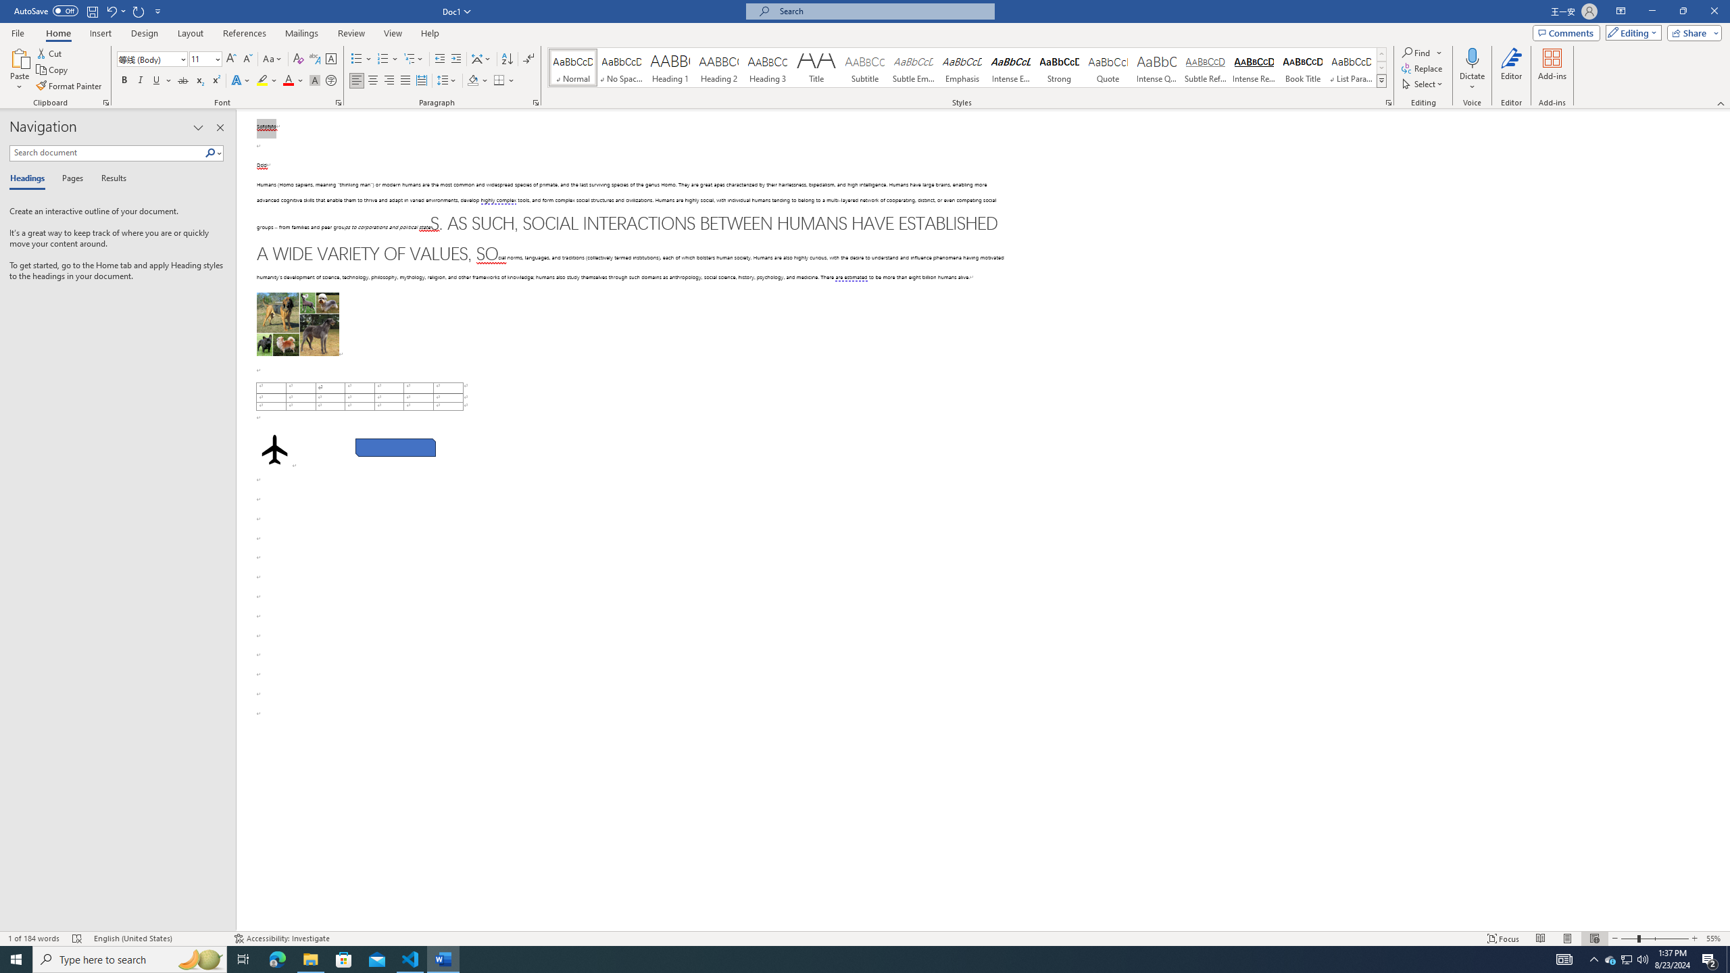 Image resolution: width=1730 pixels, height=973 pixels. What do you see at coordinates (267, 80) in the screenshot?
I see `'Text Highlight Color'` at bounding box center [267, 80].